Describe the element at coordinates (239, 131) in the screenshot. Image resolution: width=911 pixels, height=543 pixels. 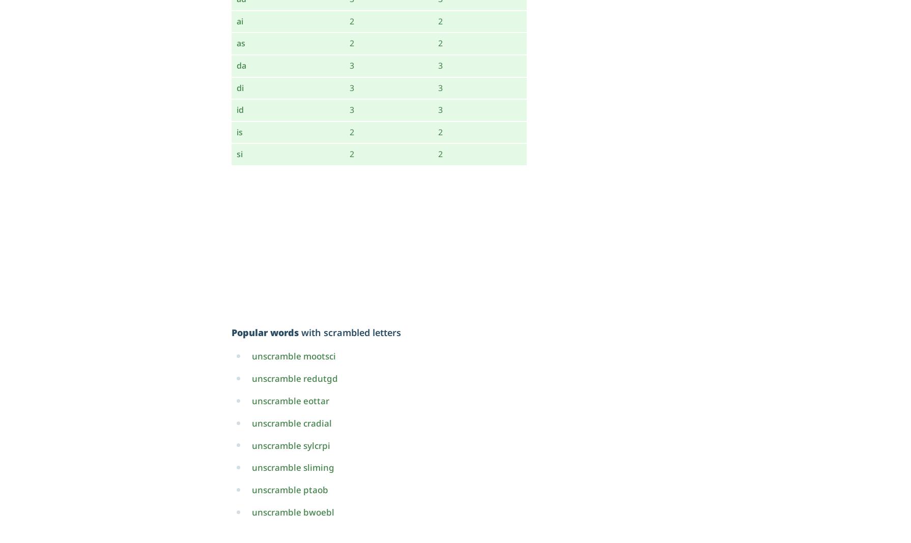
I see `'is'` at that location.